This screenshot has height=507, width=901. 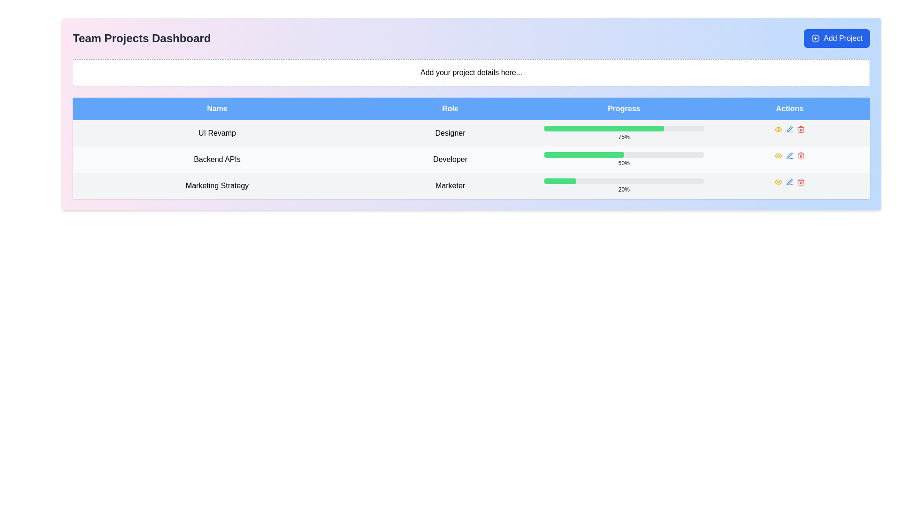 What do you see at coordinates (800, 155) in the screenshot?
I see `the delete icon button located in the last column of the table under the 'Actions' header, specifically in the third row for 'Backend APIs'` at bounding box center [800, 155].